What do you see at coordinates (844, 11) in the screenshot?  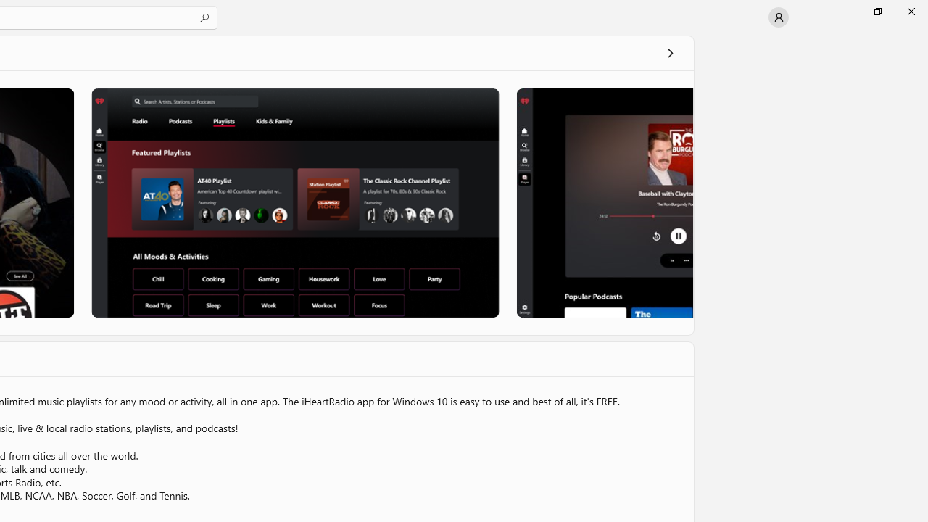 I see `'Minimize Microsoft Store'` at bounding box center [844, 11].